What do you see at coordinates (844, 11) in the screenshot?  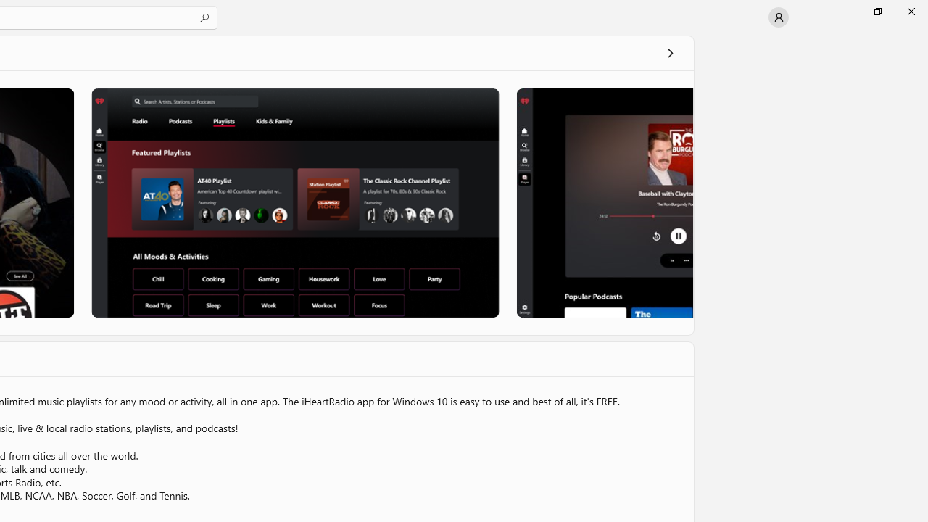 I see `'Minimize Microsoft Store'` at bounding box center [844, 11].